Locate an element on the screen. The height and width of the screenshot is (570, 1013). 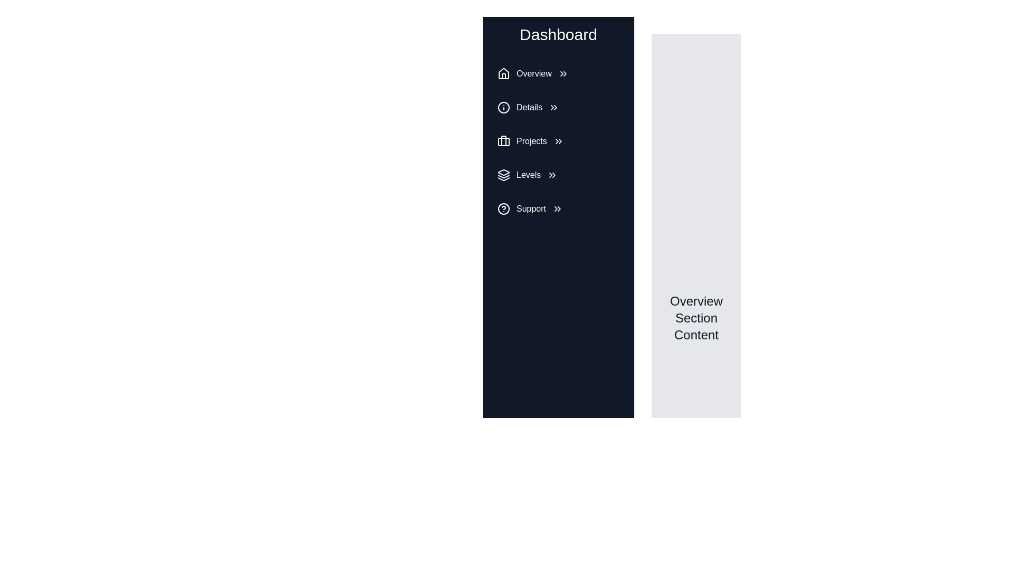
the 'Overview' text label in the vertical navigation menu is located at coordinates (534, 73).